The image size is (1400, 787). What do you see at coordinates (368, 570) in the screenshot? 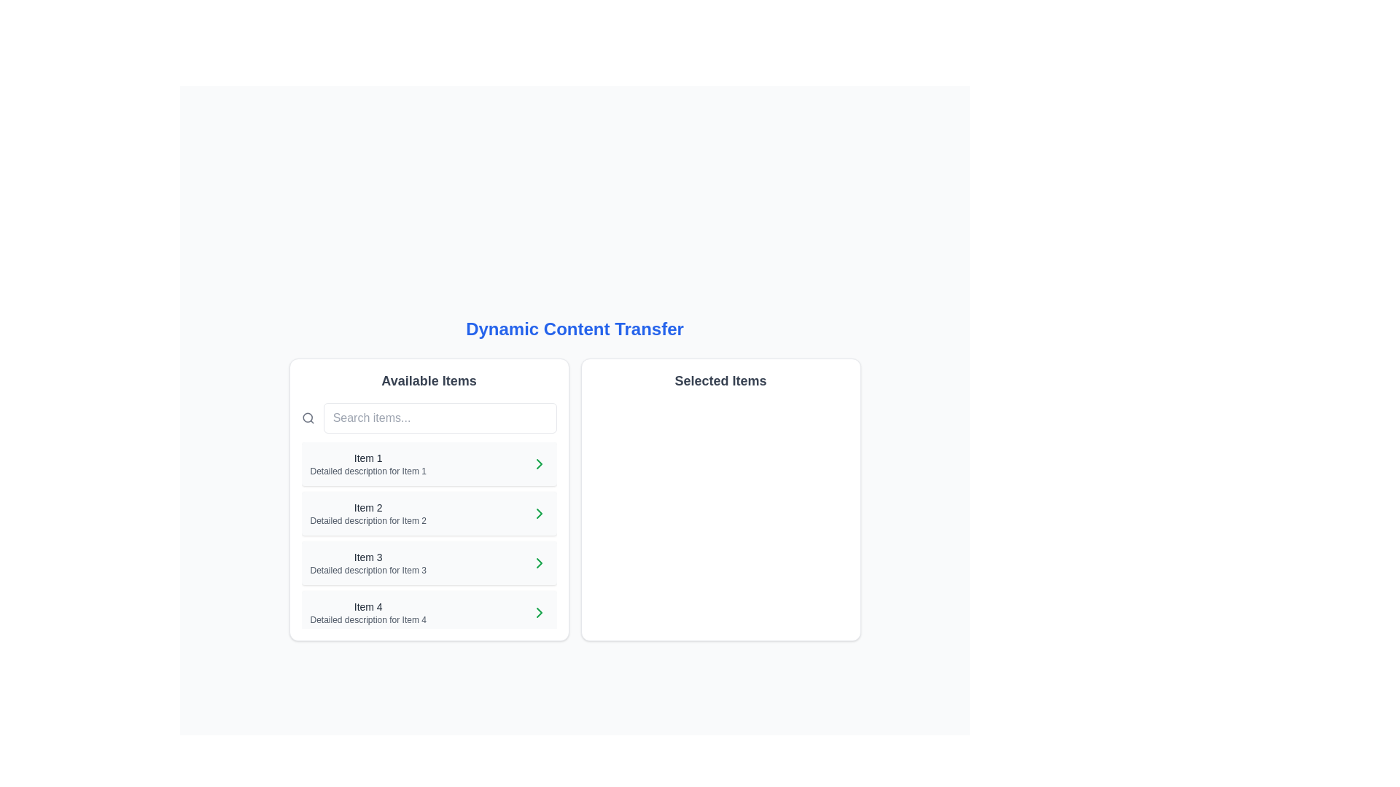
I see `the text display element that reads 'Detailed description for Item 3', which is styled in light gray and positioned below the title 'Item 3' in the 'Available Items' section` at bounding box center [368, 570].